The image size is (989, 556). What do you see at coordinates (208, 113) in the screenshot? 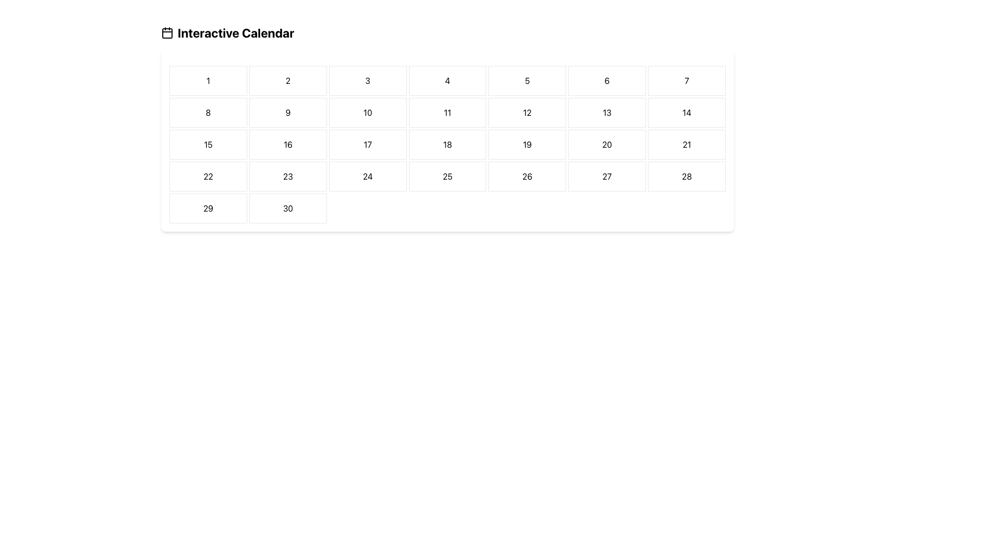
I see `the grid item in the second row and first column containing the number '8'` at bounding box center [208, 113].